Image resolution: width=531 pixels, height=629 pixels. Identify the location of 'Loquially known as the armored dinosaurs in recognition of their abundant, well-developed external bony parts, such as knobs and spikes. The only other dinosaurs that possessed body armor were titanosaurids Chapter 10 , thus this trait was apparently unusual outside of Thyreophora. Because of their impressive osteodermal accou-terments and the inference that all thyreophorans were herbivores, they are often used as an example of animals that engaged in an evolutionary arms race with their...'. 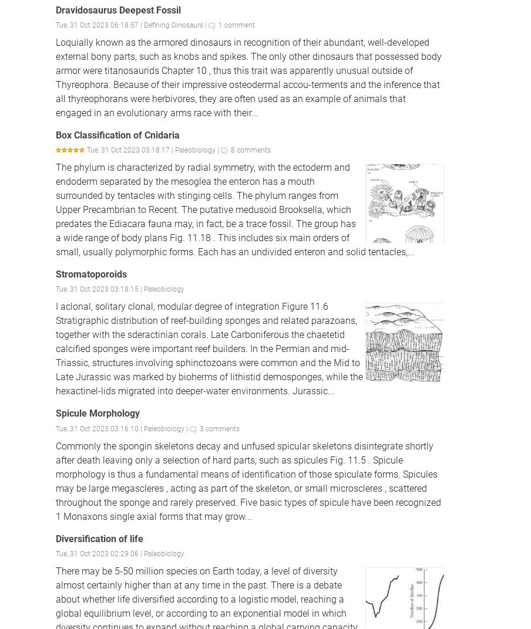
(248, 77).